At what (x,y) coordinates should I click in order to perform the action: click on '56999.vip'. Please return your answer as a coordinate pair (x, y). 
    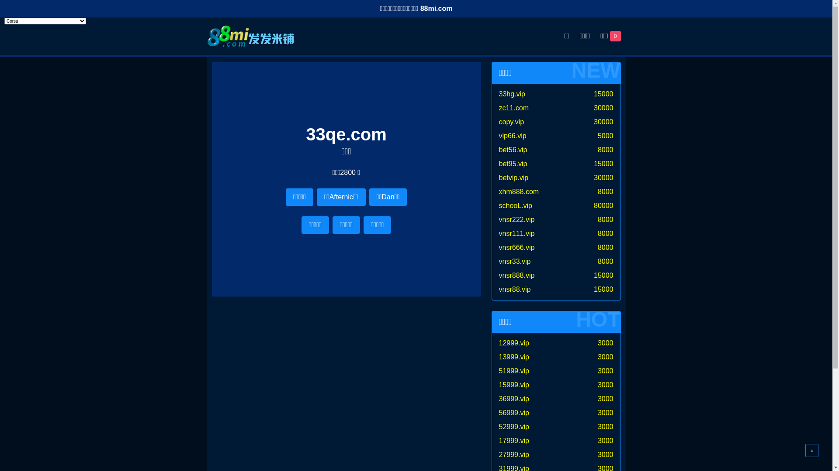
    Looking at the image, I should click on (514, 412).